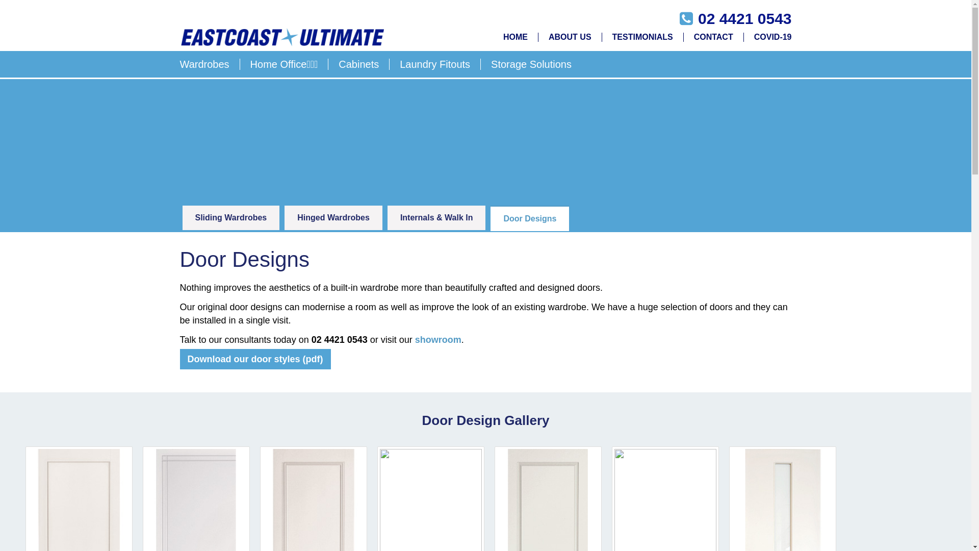 Image resolution: width=979 pixels, height=551 pixels. Describe the element at coordinates (529, 218) in the screenshot. I see `'Door Designs'` at that location.